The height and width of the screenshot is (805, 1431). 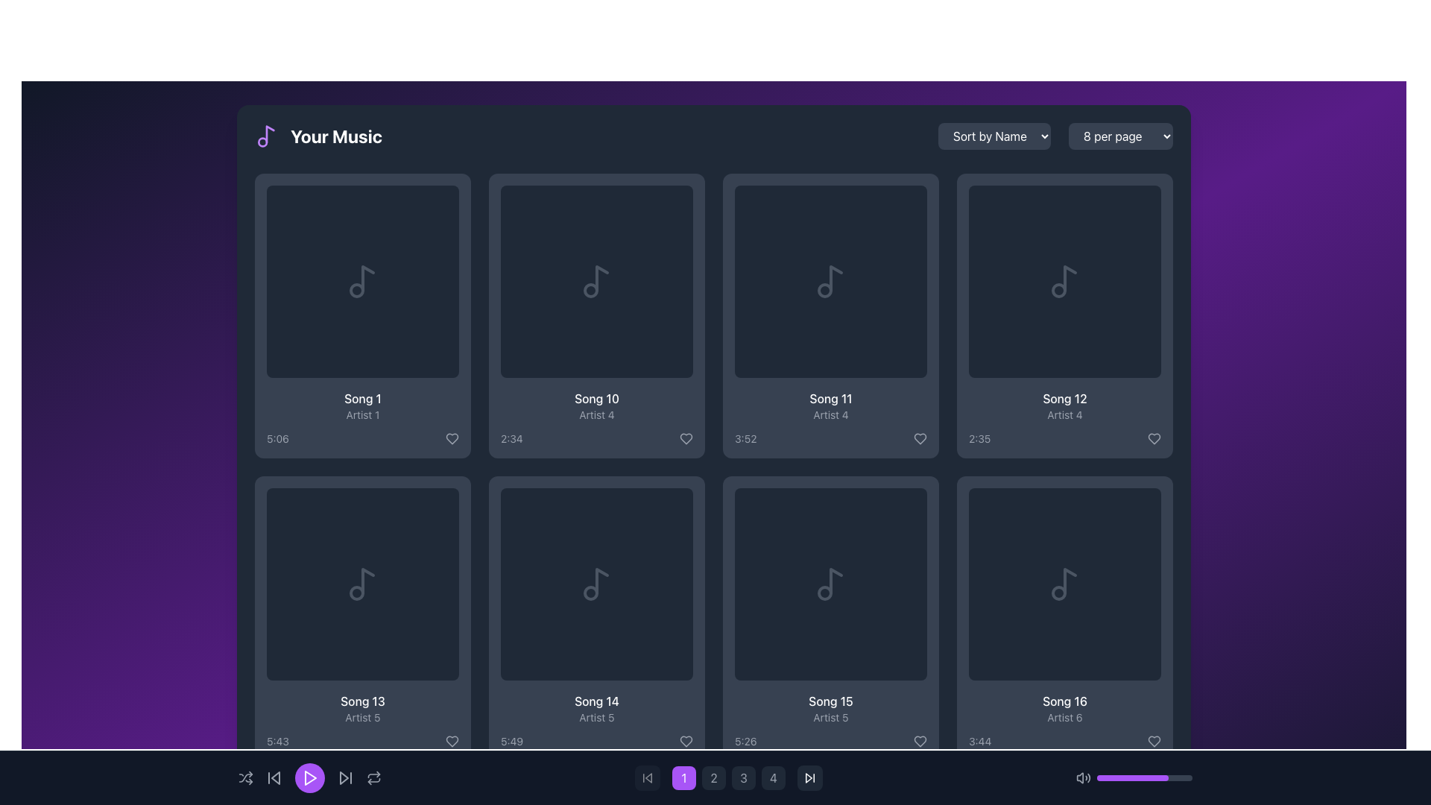 What do you see at coordinates (715, 777) in the screenshot?
I see `the button labeled '2', which is a rectangular button with a dark background and the text '2' in the center` at bounding box center [715, 777].